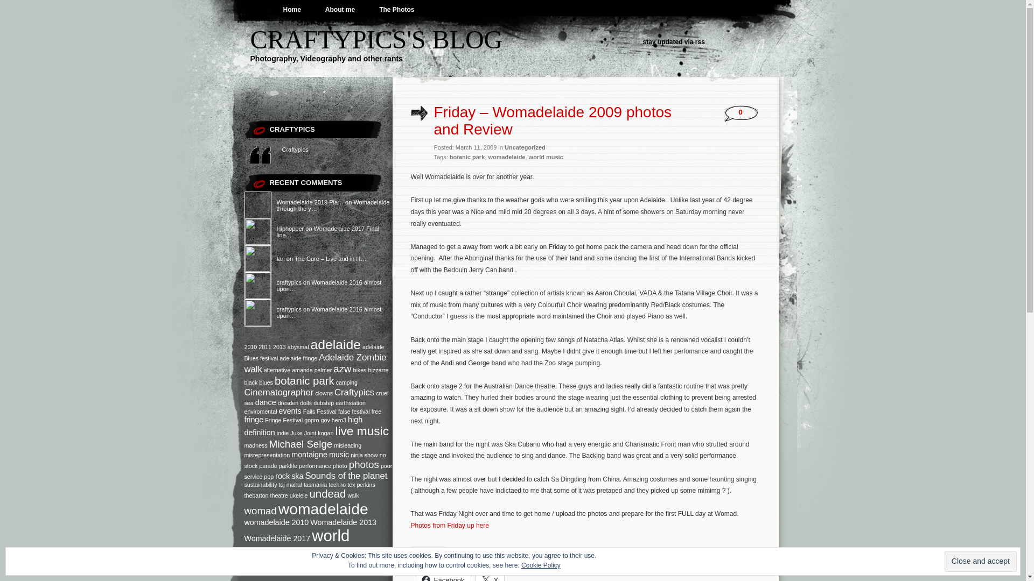 This screenshot has height=581, width=1034. Describe the element at coordinates (347, 445) in the screenshot. I see `'misleading'` at that location.